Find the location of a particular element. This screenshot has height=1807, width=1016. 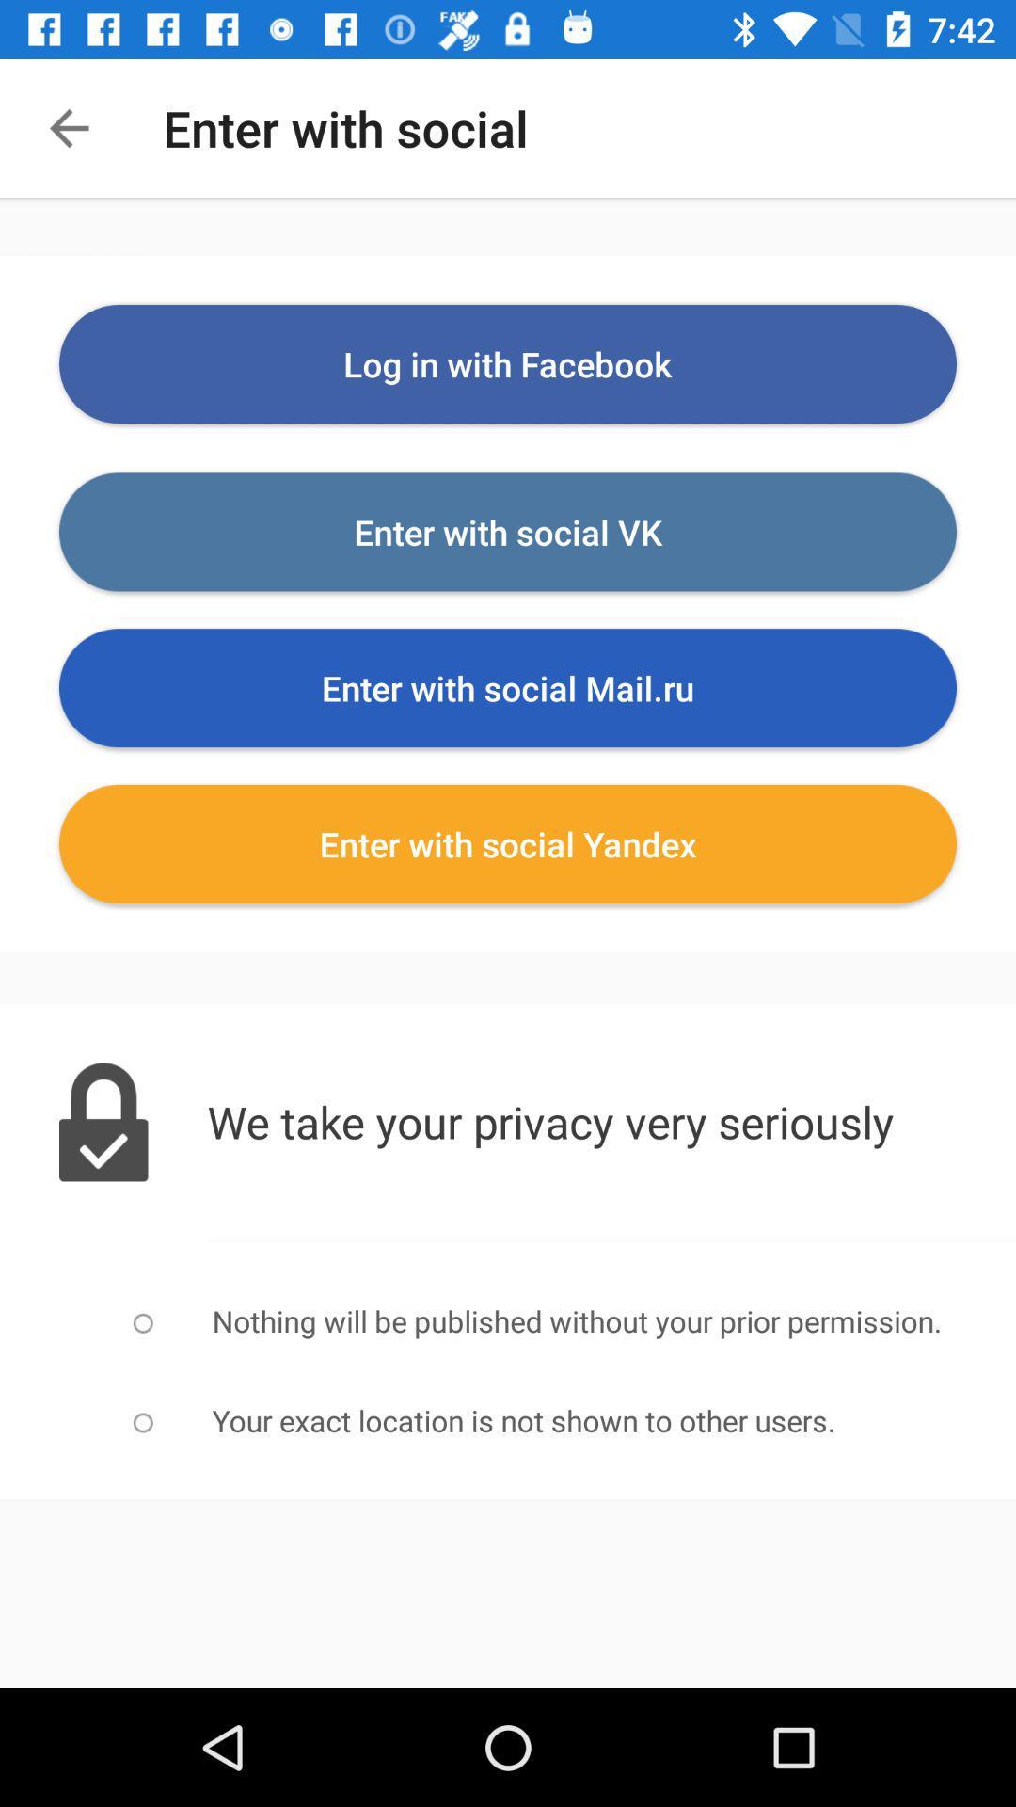

the log in with item is located at coordinates (508, 364).